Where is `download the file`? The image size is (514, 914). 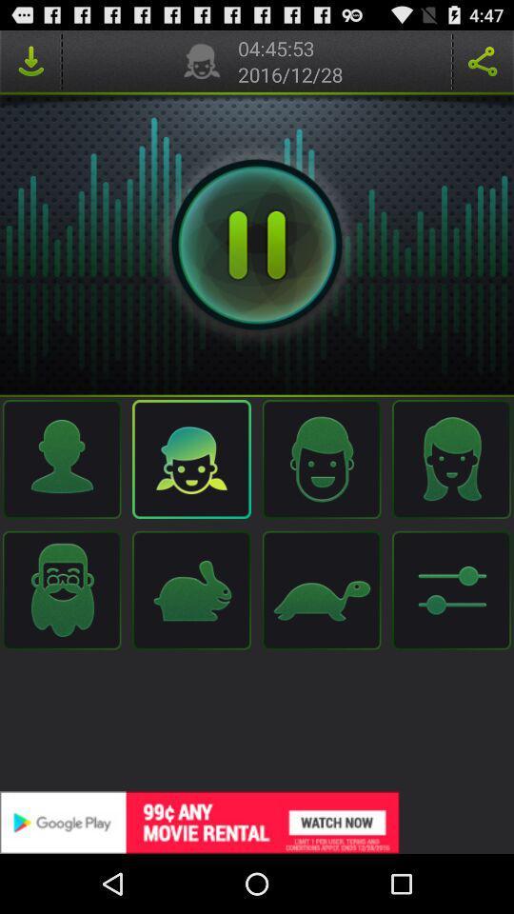 download the file is located at coordinates (30, 61).